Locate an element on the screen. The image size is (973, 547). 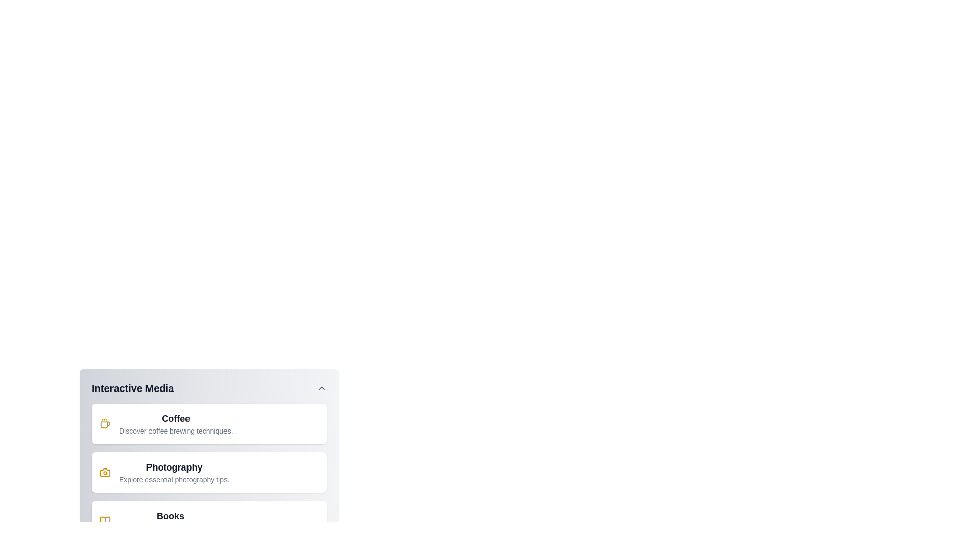
the menu item Photography is located at coordinates (208, 473).